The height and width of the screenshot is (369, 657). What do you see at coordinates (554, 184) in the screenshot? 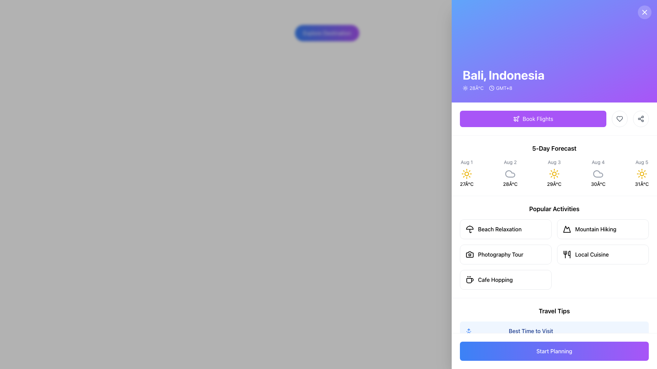
I see `the temperature label indicating the expected high temperature for 'Aug 3' in the '5-Day Forecast' section` at bounding box center [554, 184].